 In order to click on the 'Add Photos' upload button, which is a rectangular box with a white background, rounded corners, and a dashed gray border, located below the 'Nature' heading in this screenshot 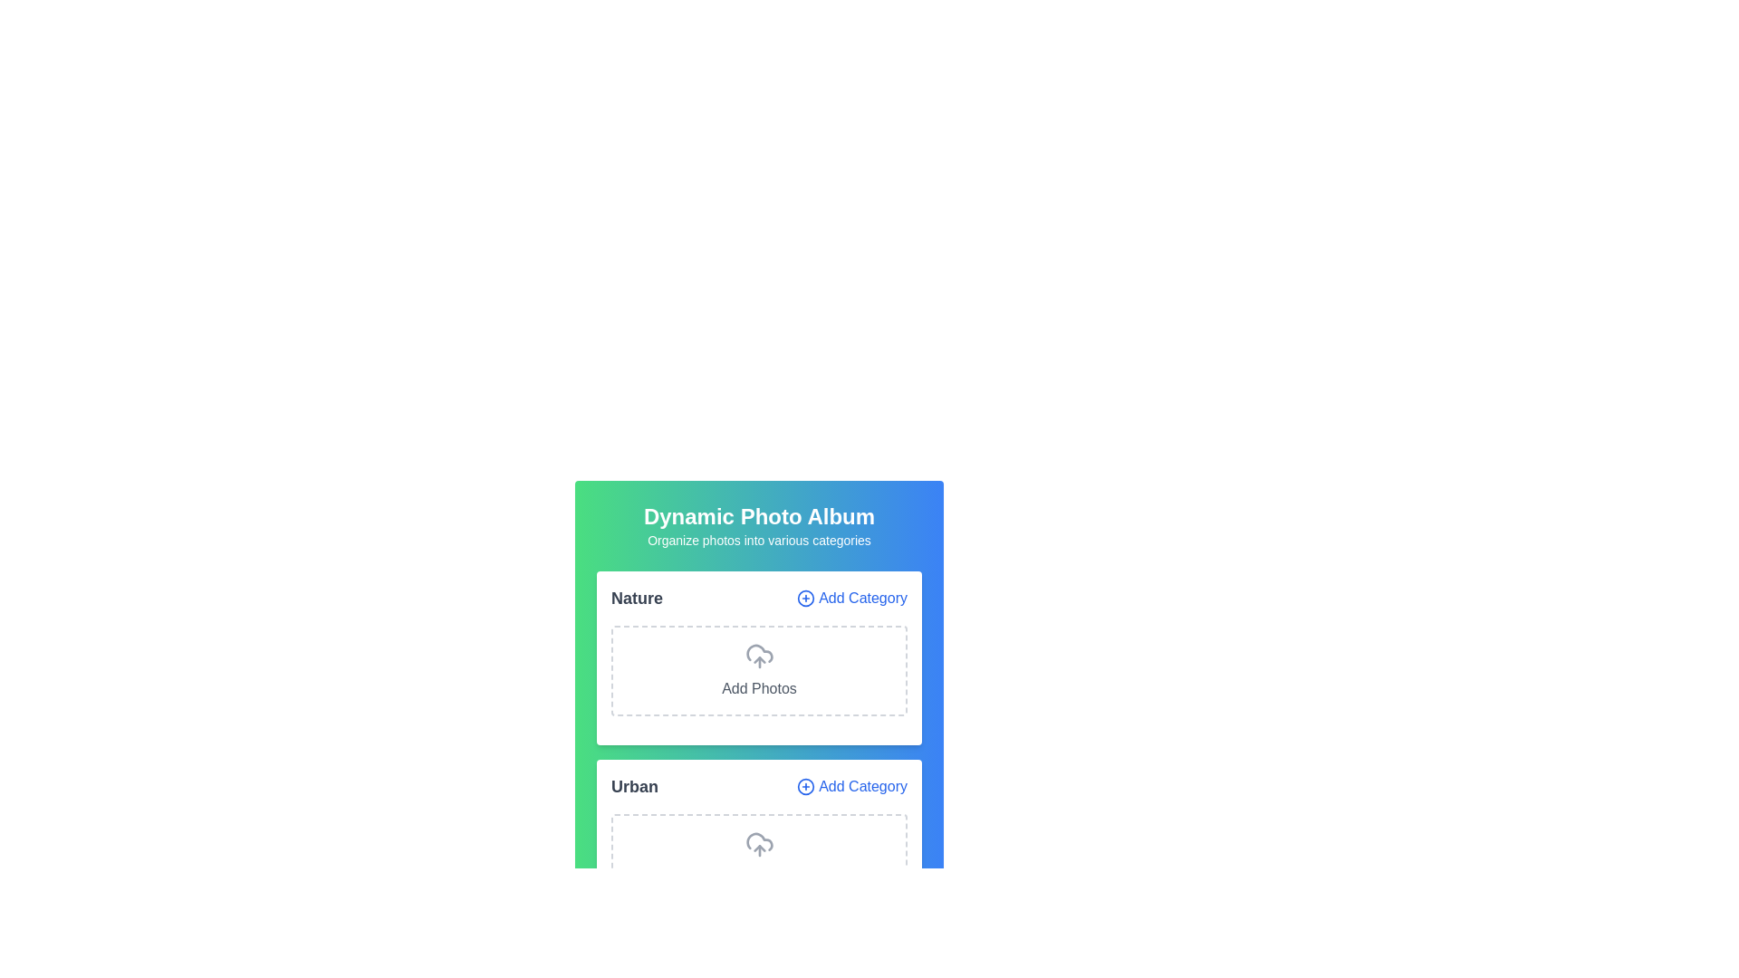, I will do `click(759, 663)`.